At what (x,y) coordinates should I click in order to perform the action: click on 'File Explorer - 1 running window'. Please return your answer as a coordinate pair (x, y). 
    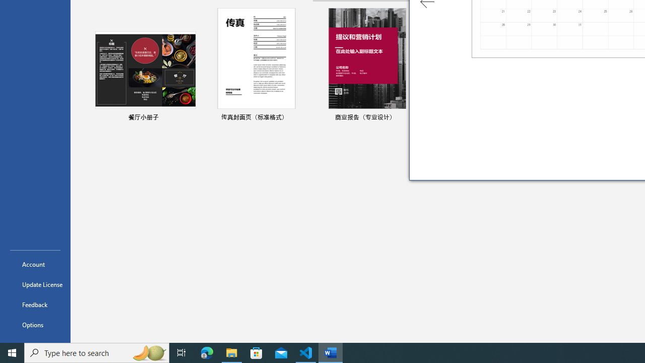
    Looking at the image, I should click on (231, 352).